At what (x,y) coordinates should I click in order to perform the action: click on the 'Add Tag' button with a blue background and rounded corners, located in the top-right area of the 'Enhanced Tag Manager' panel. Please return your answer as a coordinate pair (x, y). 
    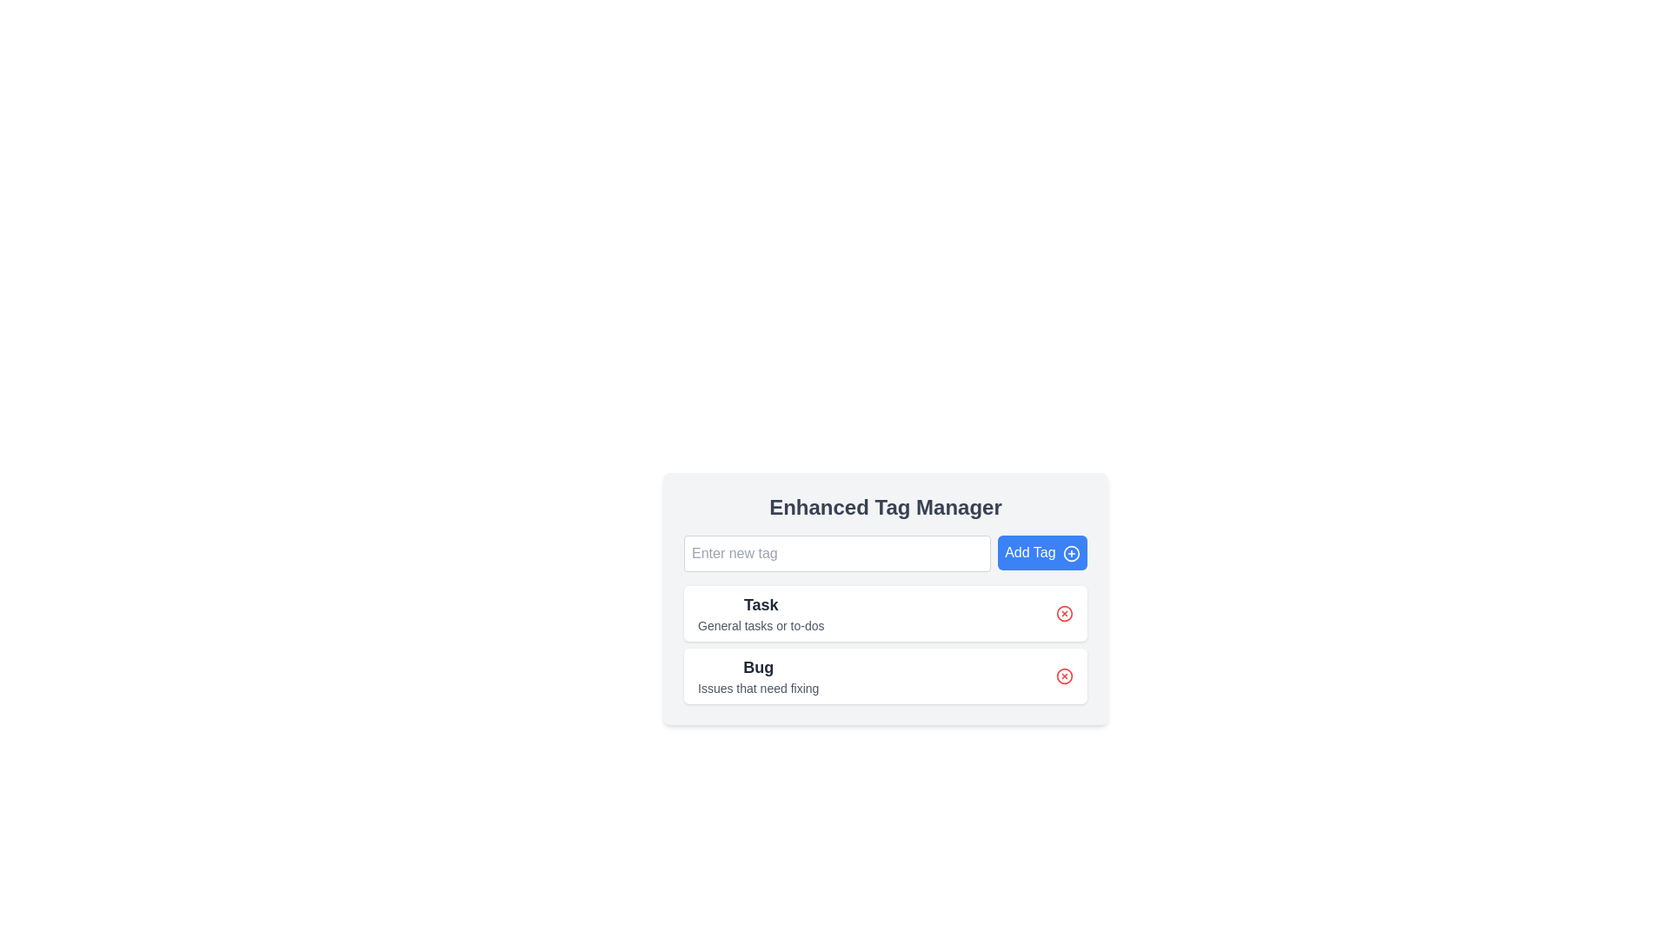
    Looking at the image, I should click on (1042, 553).